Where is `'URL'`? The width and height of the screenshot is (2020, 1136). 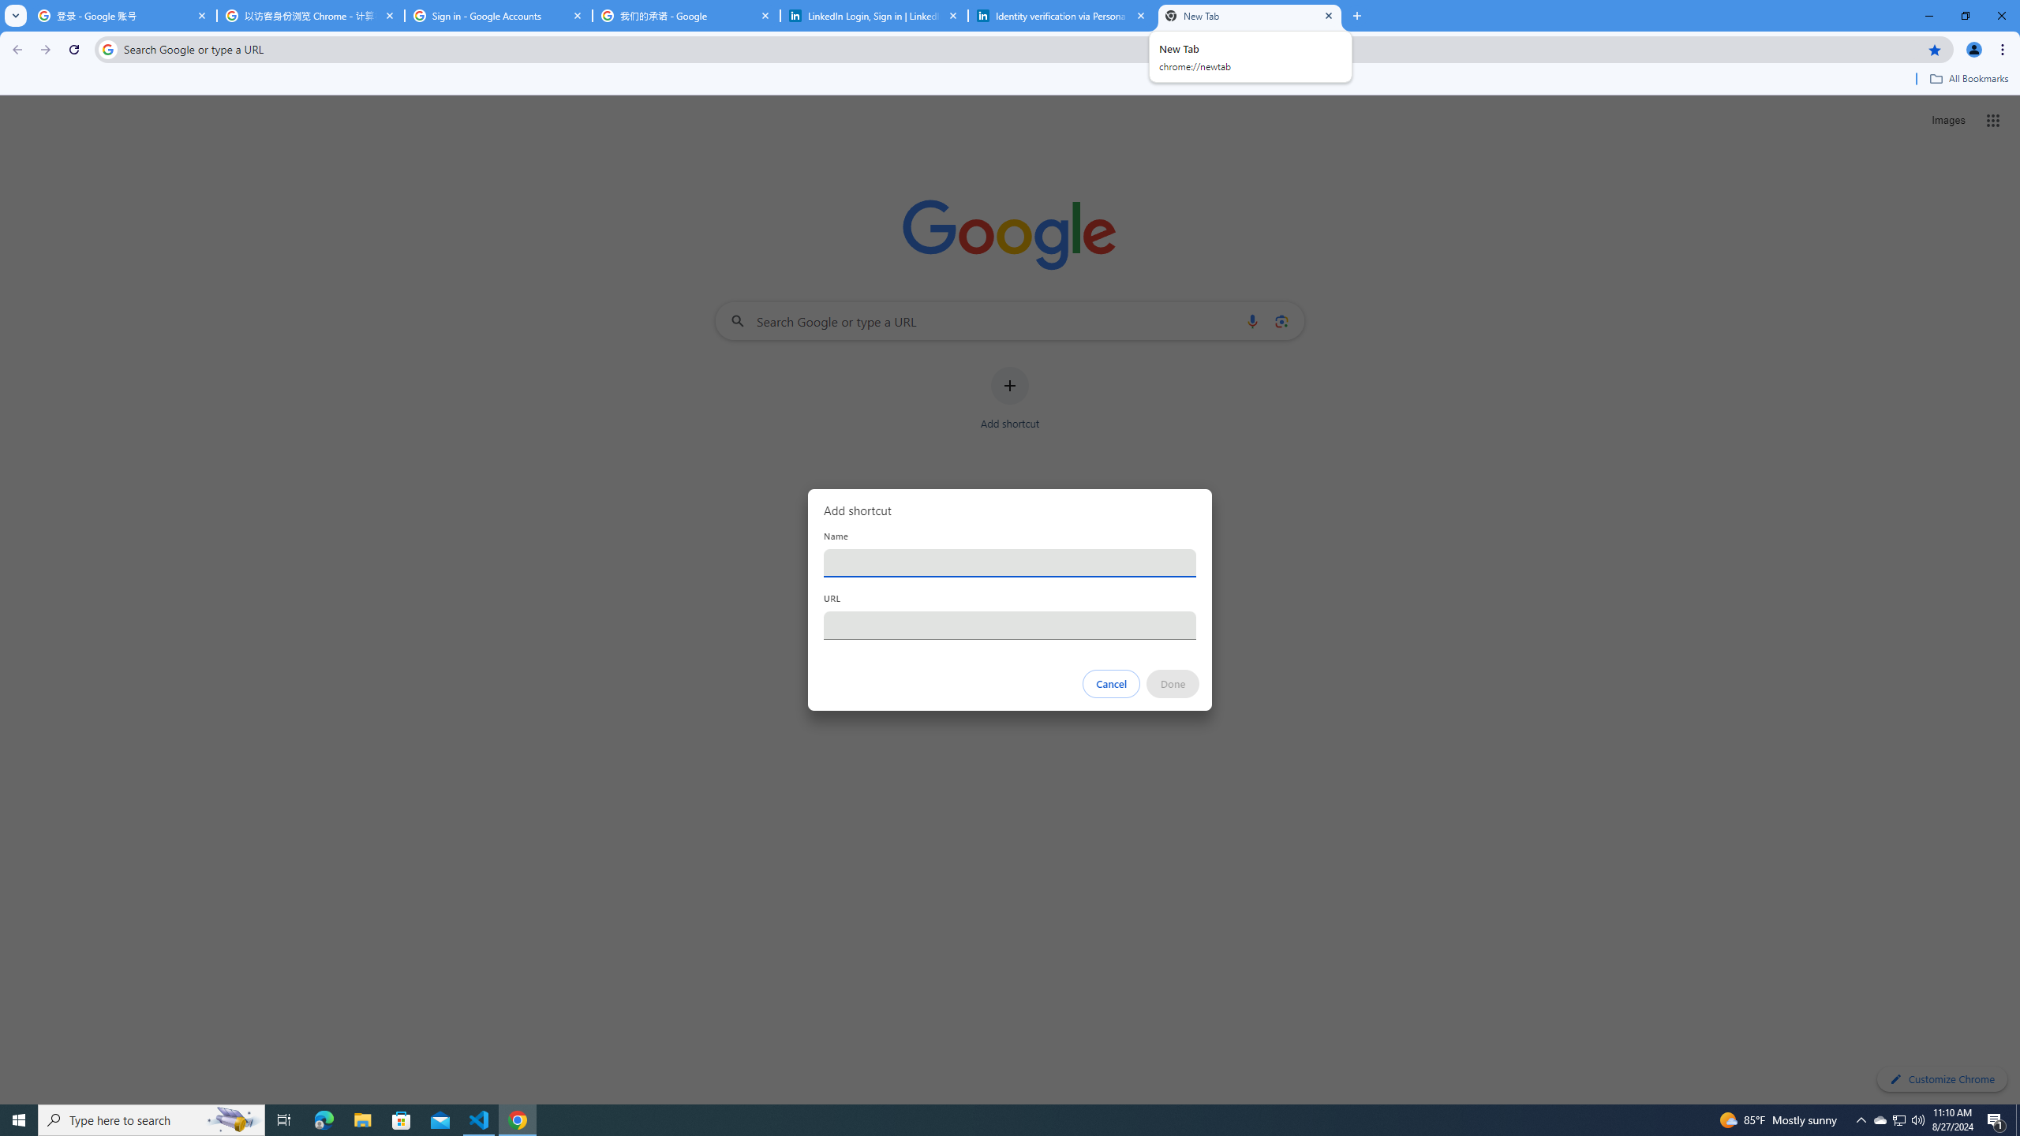
'URL' is located at coordinates (1010, 625).